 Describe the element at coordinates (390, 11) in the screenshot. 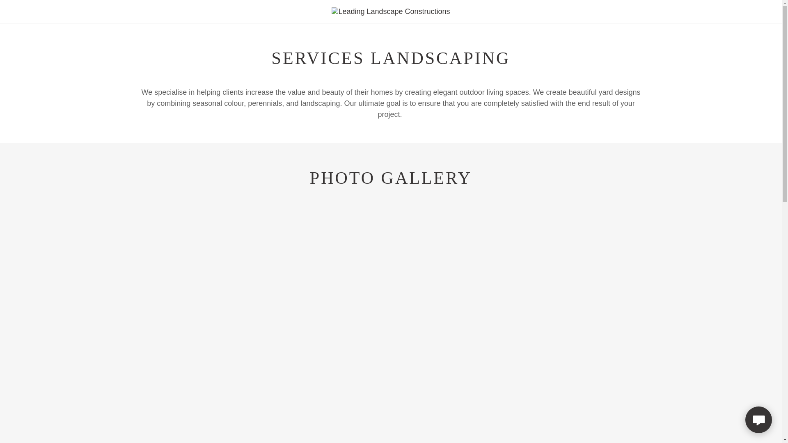

I see `'Leading Landscape Constructions'` at that location.